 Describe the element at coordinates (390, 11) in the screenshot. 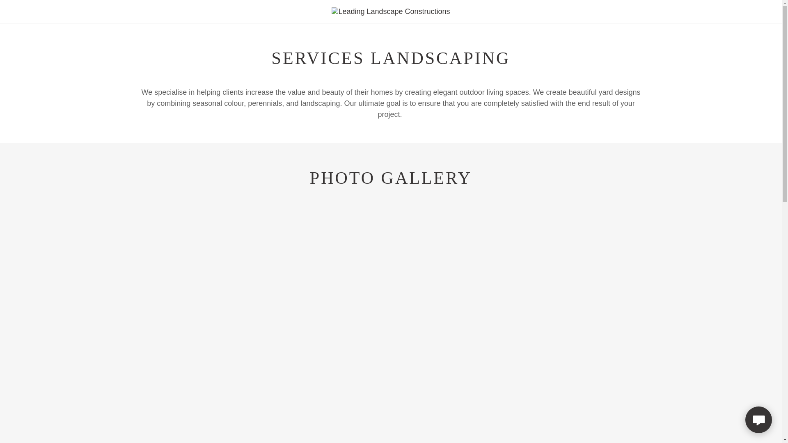

I see `'Leading Landscape Constructions'` at that location.